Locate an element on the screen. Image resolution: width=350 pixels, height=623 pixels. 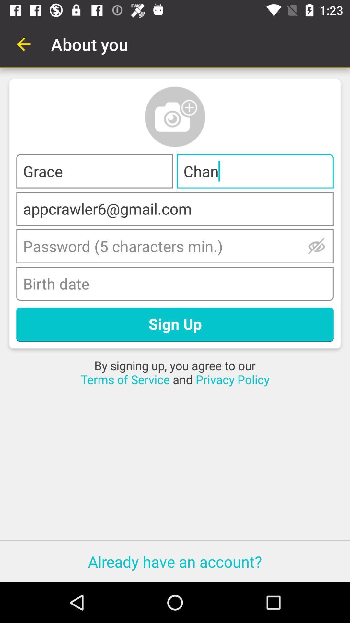
the photo icon is located at coordinates (175, 117).